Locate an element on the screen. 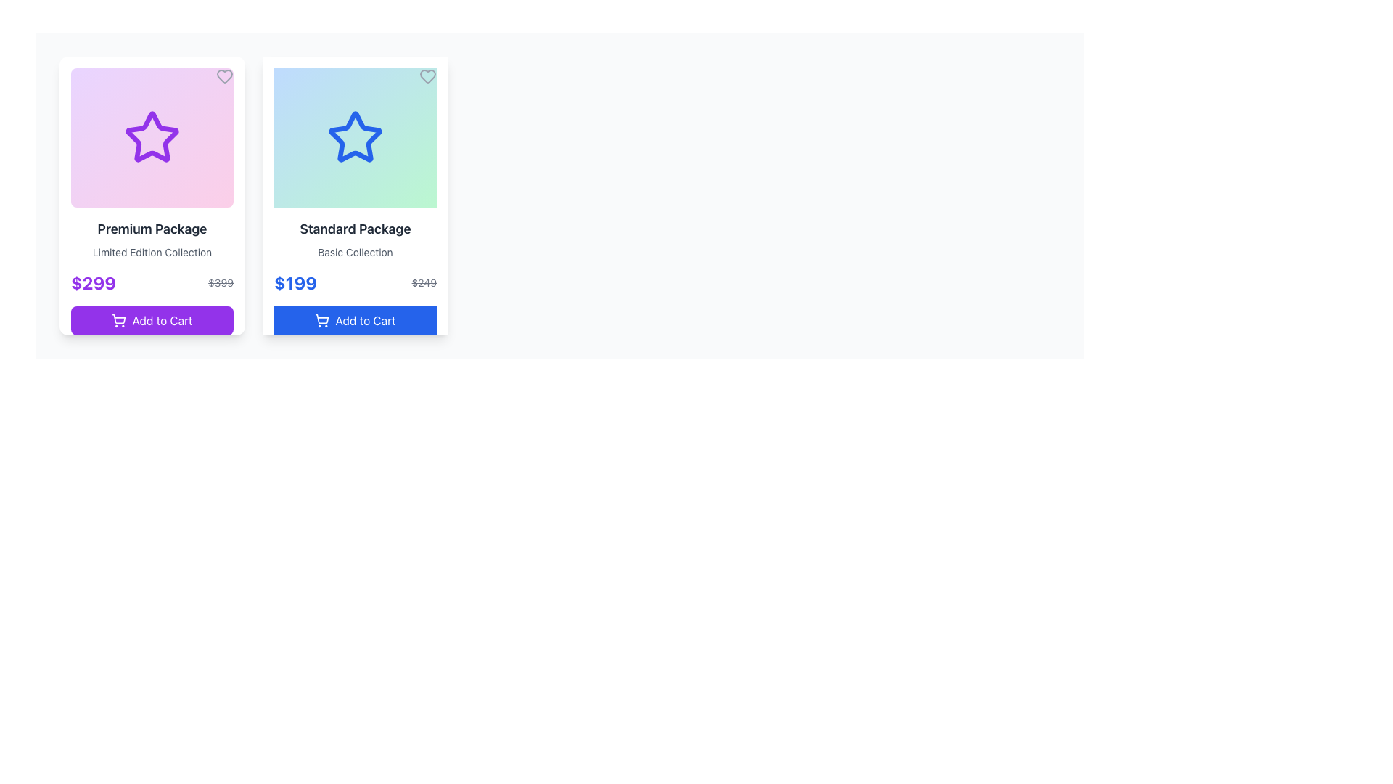 The width and height of the screenshot is (1393, 784). the heart-shaped icon in the top-right corner of the 'Premium Package' card to favorite/unfavorite it is located at coordinates (224, 76).